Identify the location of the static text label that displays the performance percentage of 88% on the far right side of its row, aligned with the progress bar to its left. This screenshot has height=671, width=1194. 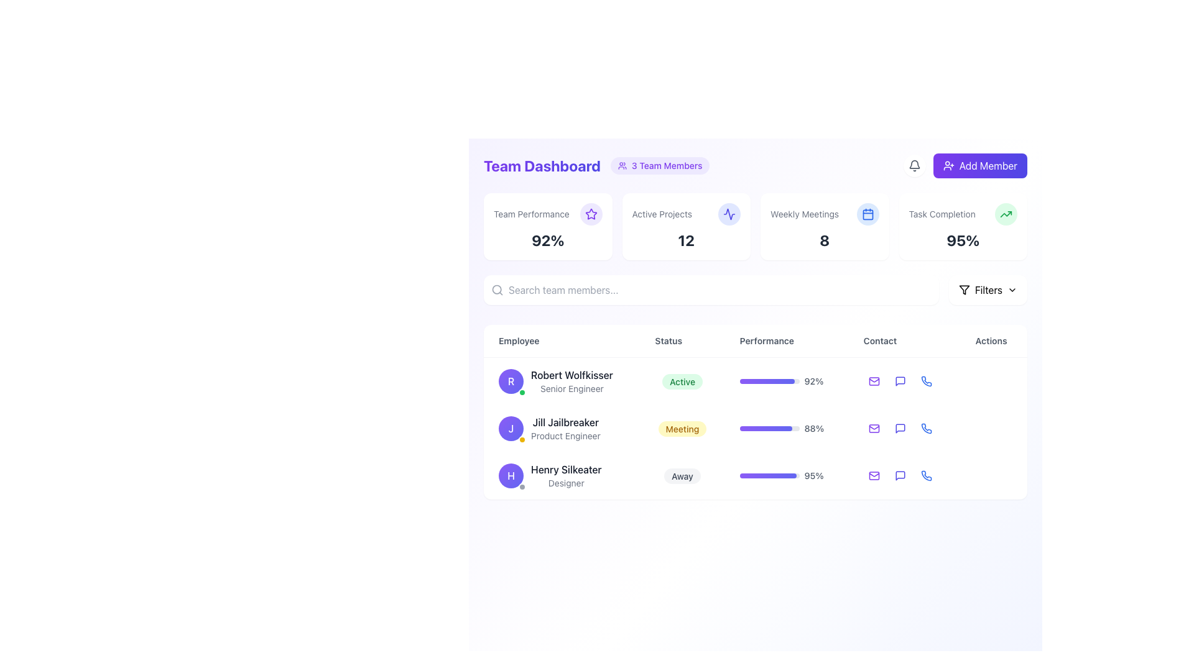
(814, 428).